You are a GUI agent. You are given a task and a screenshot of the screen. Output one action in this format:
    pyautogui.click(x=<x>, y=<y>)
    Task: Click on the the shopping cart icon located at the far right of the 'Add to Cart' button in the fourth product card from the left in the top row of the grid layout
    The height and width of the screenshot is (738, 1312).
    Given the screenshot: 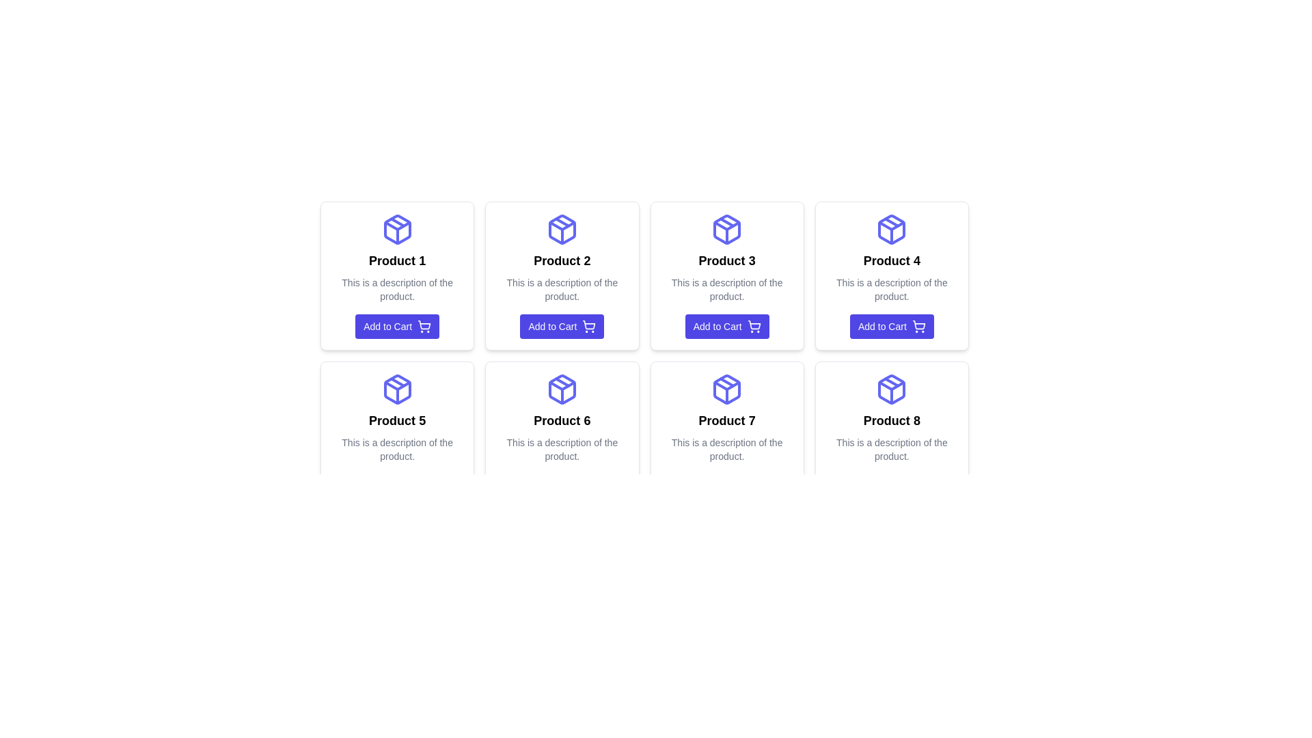 What is the action you would take?
    pyautogui.click(x=918, y=327)
    